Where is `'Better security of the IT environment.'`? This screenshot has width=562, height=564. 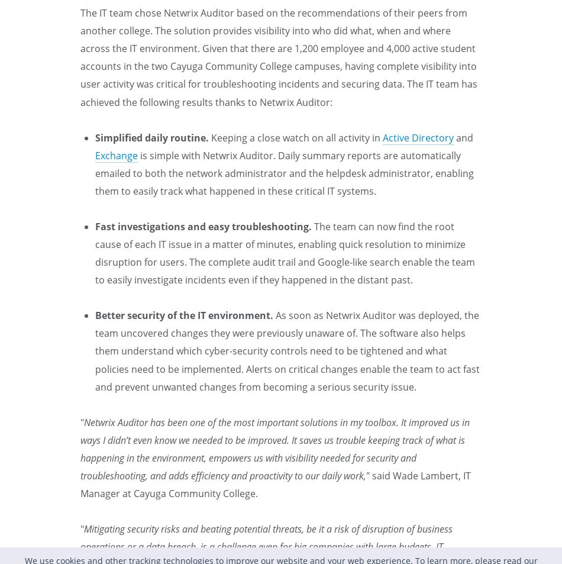
'Better security of the IT environment.' is located at coordinates (183, 315).